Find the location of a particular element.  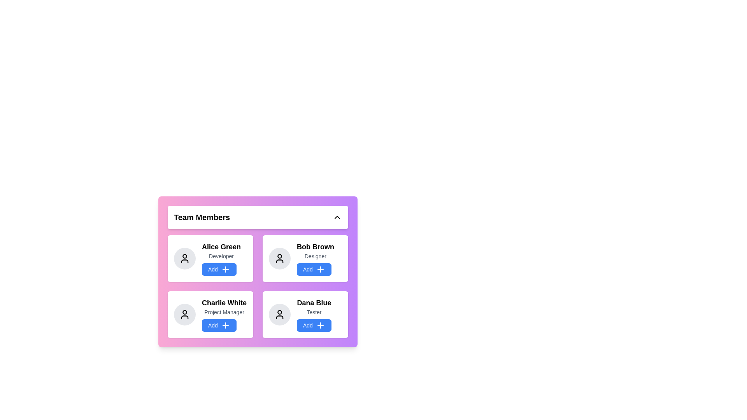

the 'Project Manager' text element located below 'Charlie White' in the third card of the grid layout is located at coordinates (224, 311).